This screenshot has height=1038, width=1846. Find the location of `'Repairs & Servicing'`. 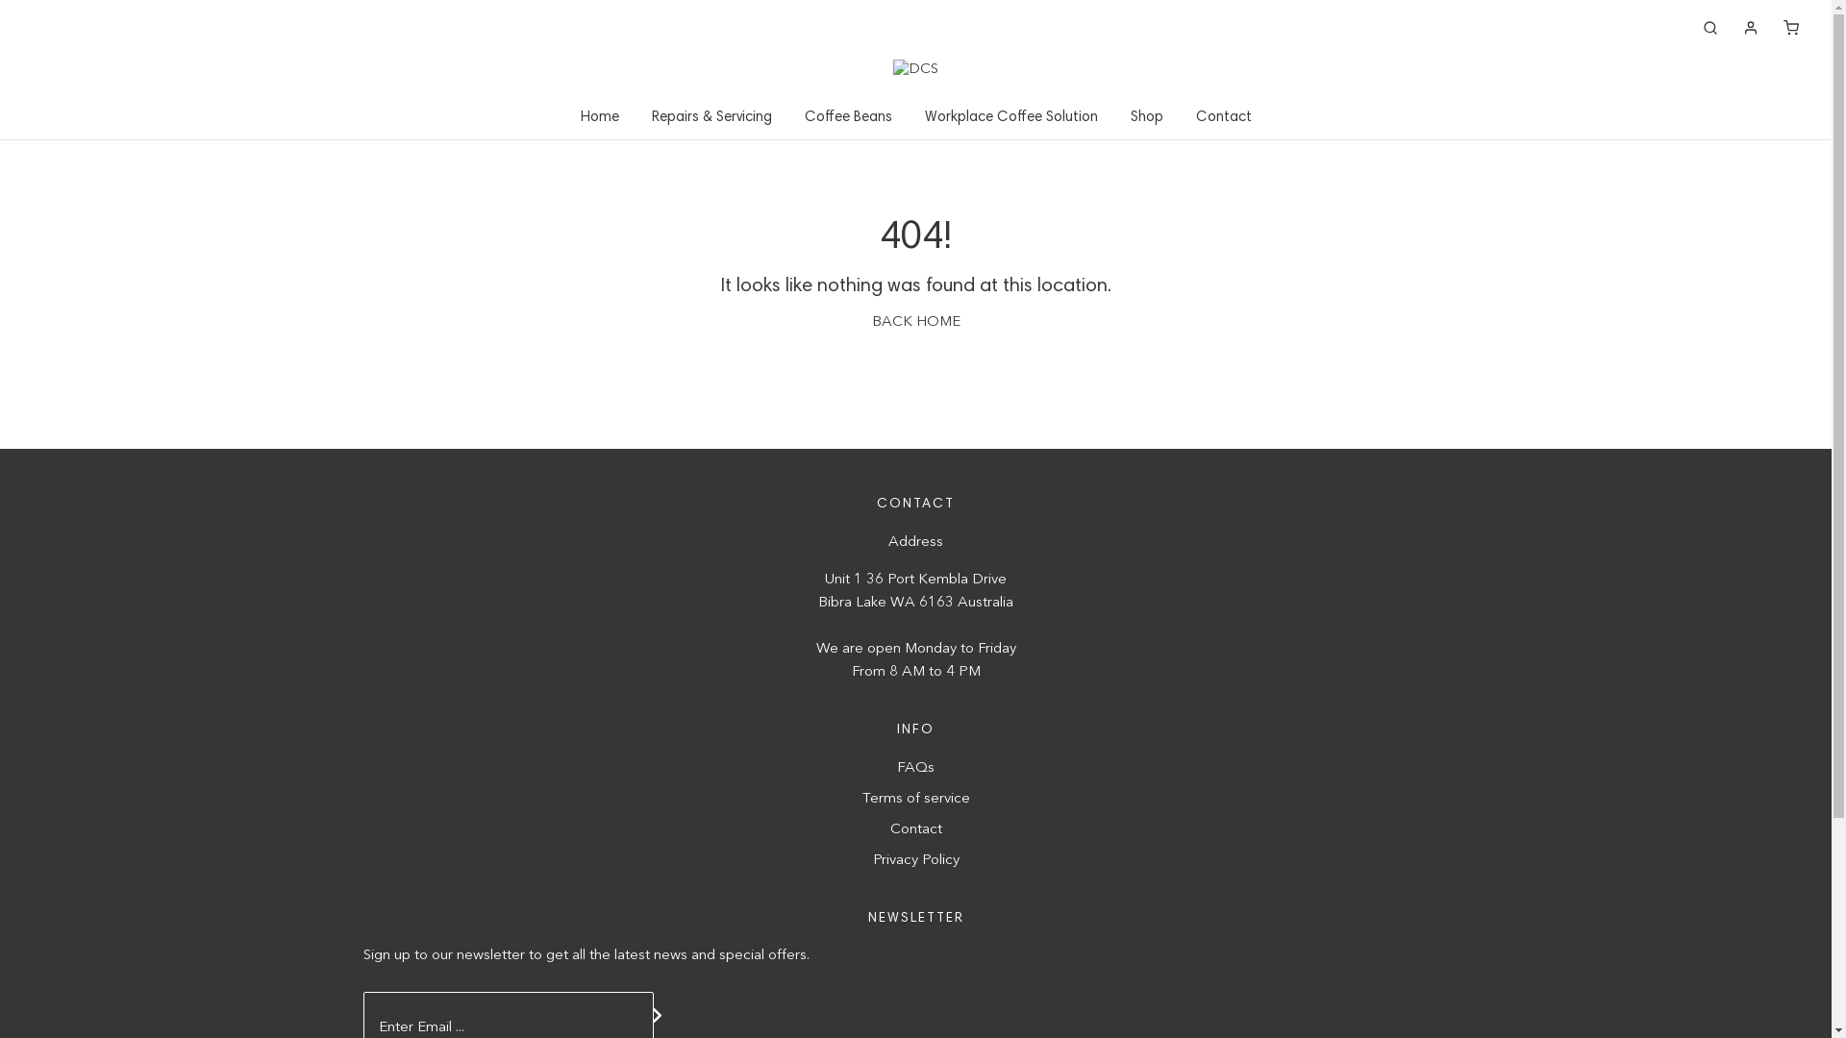

'Repairs & Servicing' is located at coordinates (711, 117).